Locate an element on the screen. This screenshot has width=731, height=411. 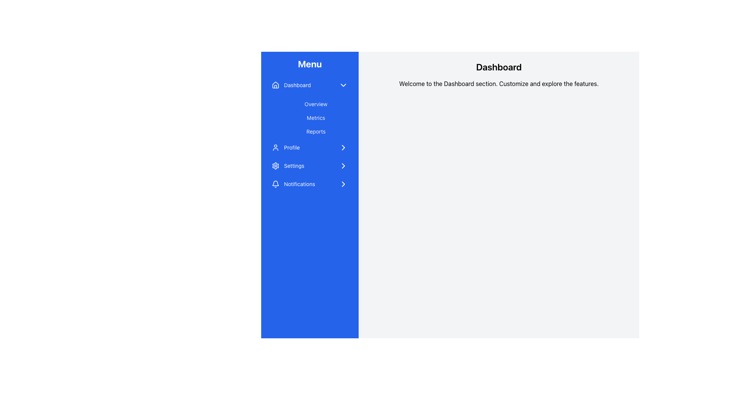
the Text label that indicates the Dashboard section, located in the sidebar menu, positioned below the 'Menu' heading and above the links 'Overview', 'Metrics', and 'Reports' is located at coordinates (297, 85).